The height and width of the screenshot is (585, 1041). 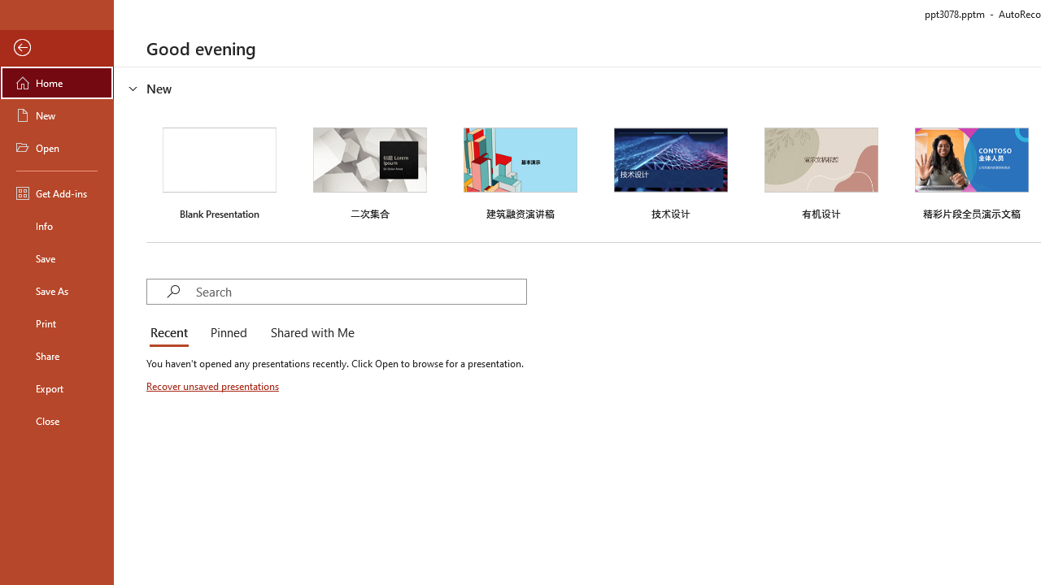 What do you see at coordinates (56, 114) in the screenshot?
I see `'New'` at bounding box center [56, 114].